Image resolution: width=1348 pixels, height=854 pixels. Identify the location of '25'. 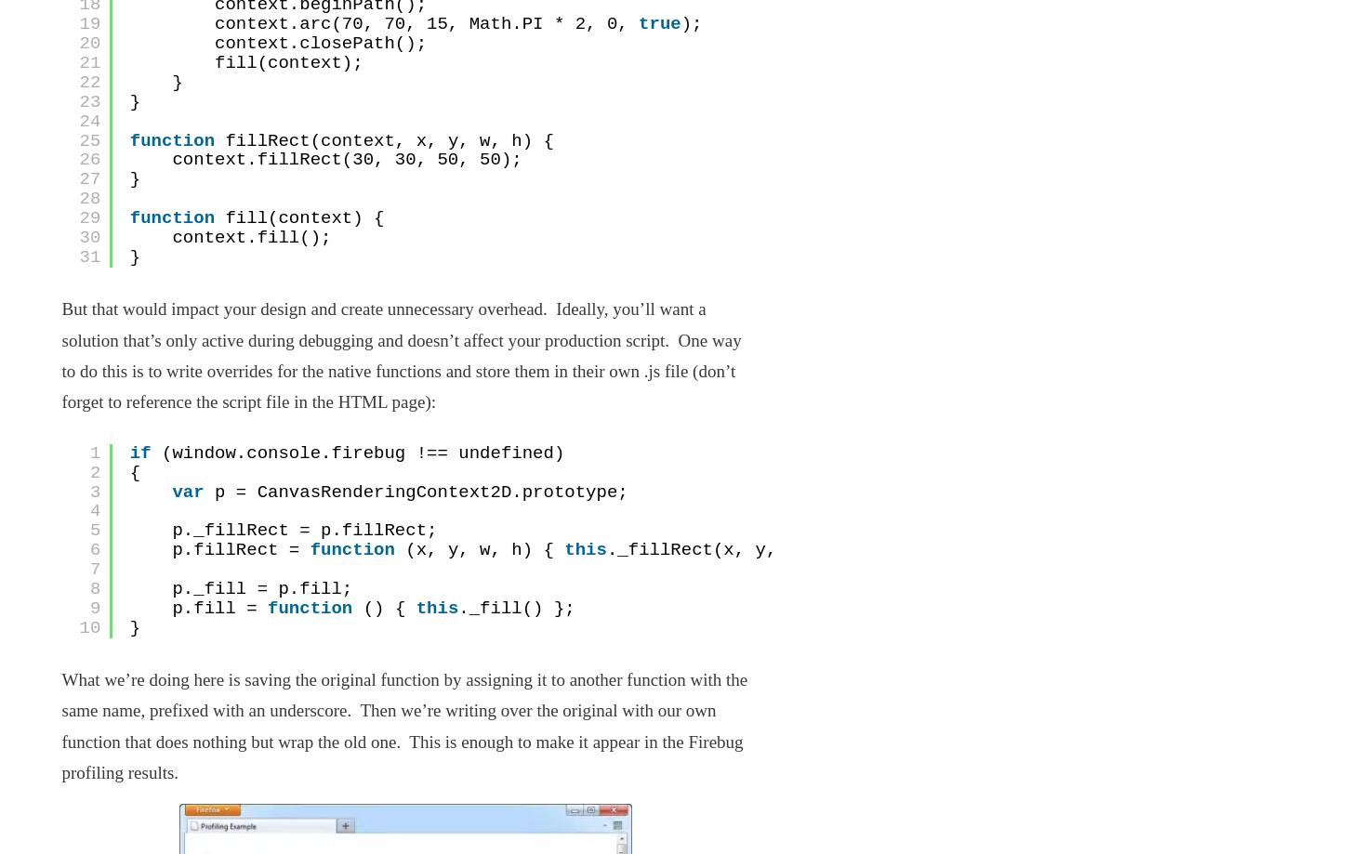
(89, 138).